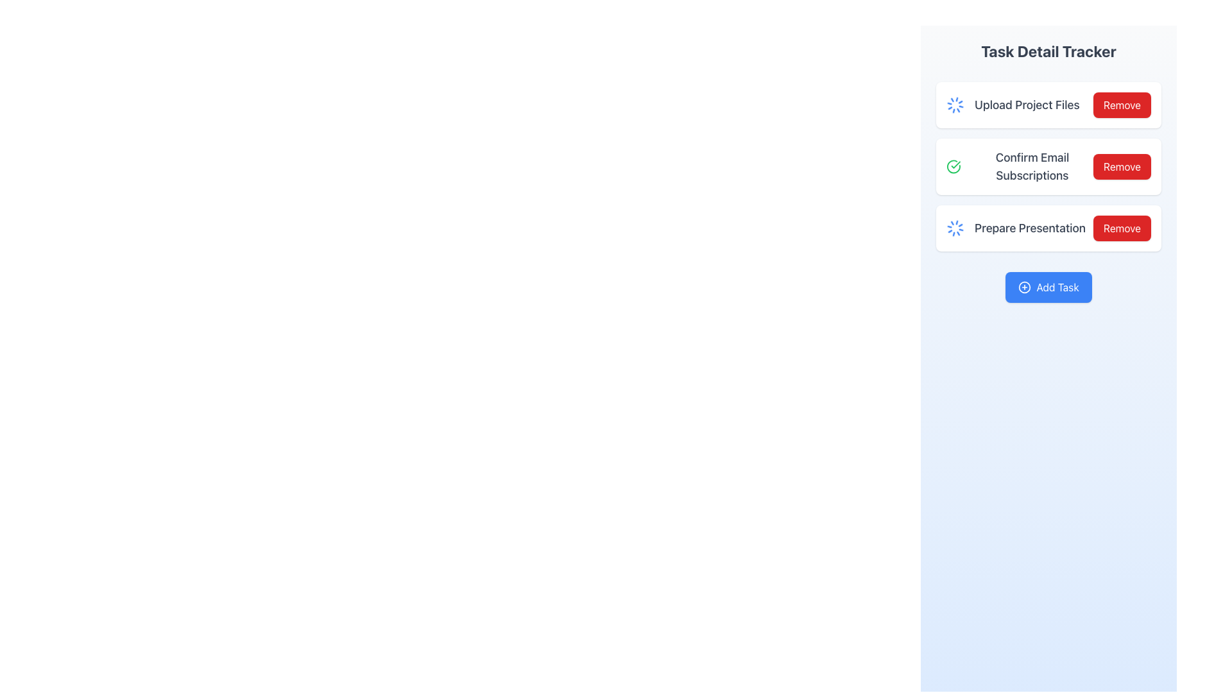 The image size is (1232, 693). Describe the element at coordinates (1048, 286) in the screenshot. I see `the 'Add Task' button with a blue background and white text` at that location.